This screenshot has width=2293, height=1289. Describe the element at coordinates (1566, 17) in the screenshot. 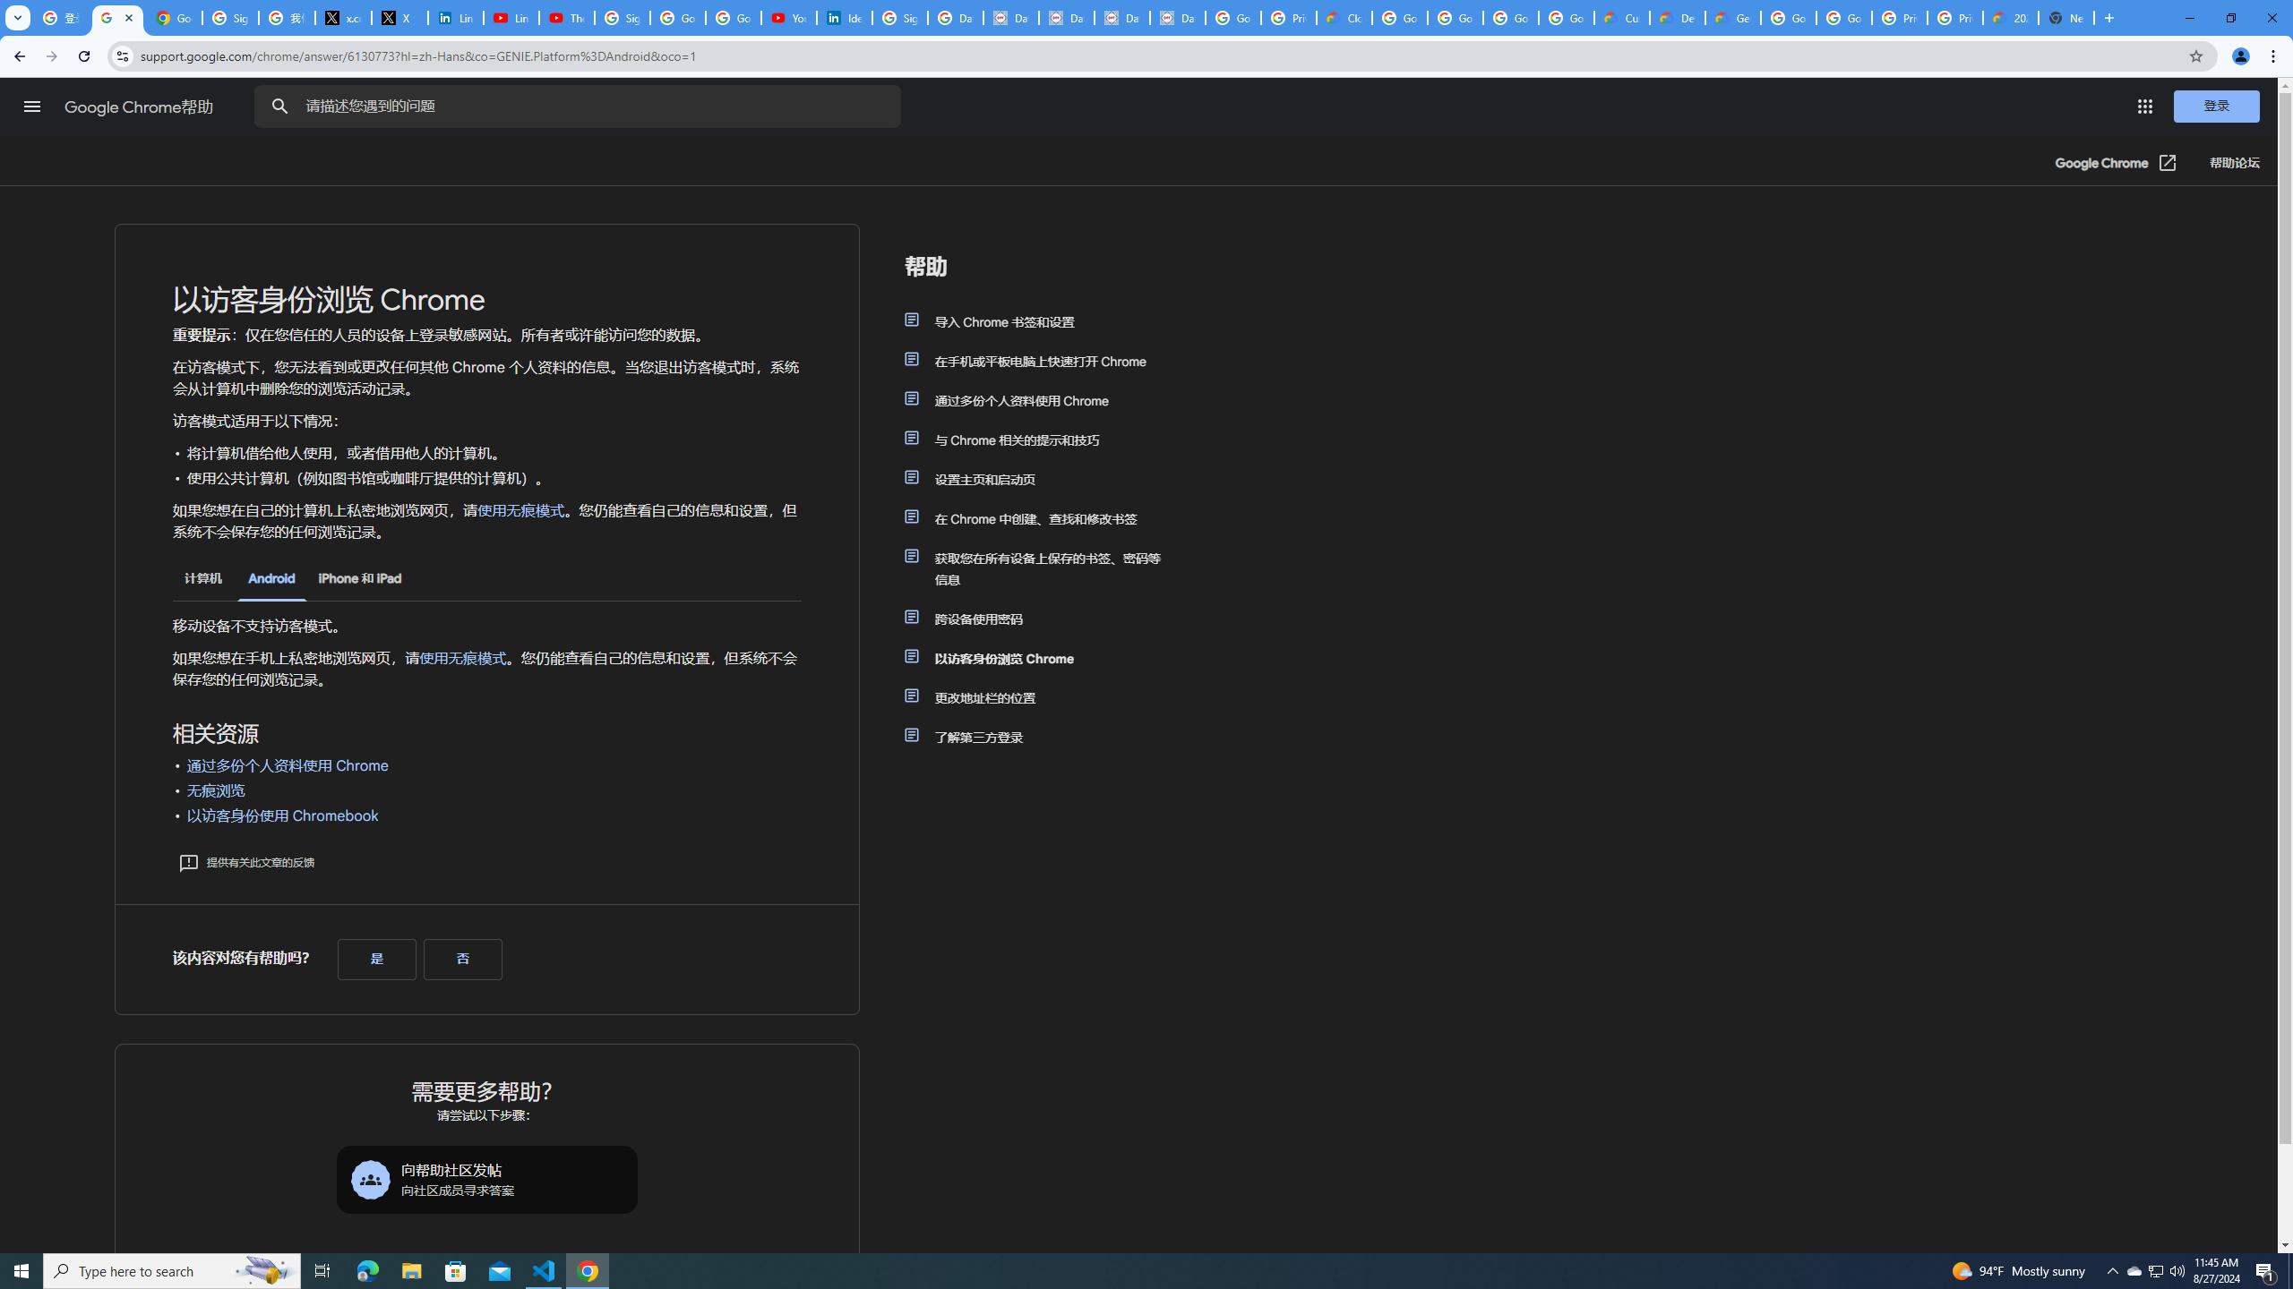

I see `'Google Workspace - Specific Terms'` at that location.